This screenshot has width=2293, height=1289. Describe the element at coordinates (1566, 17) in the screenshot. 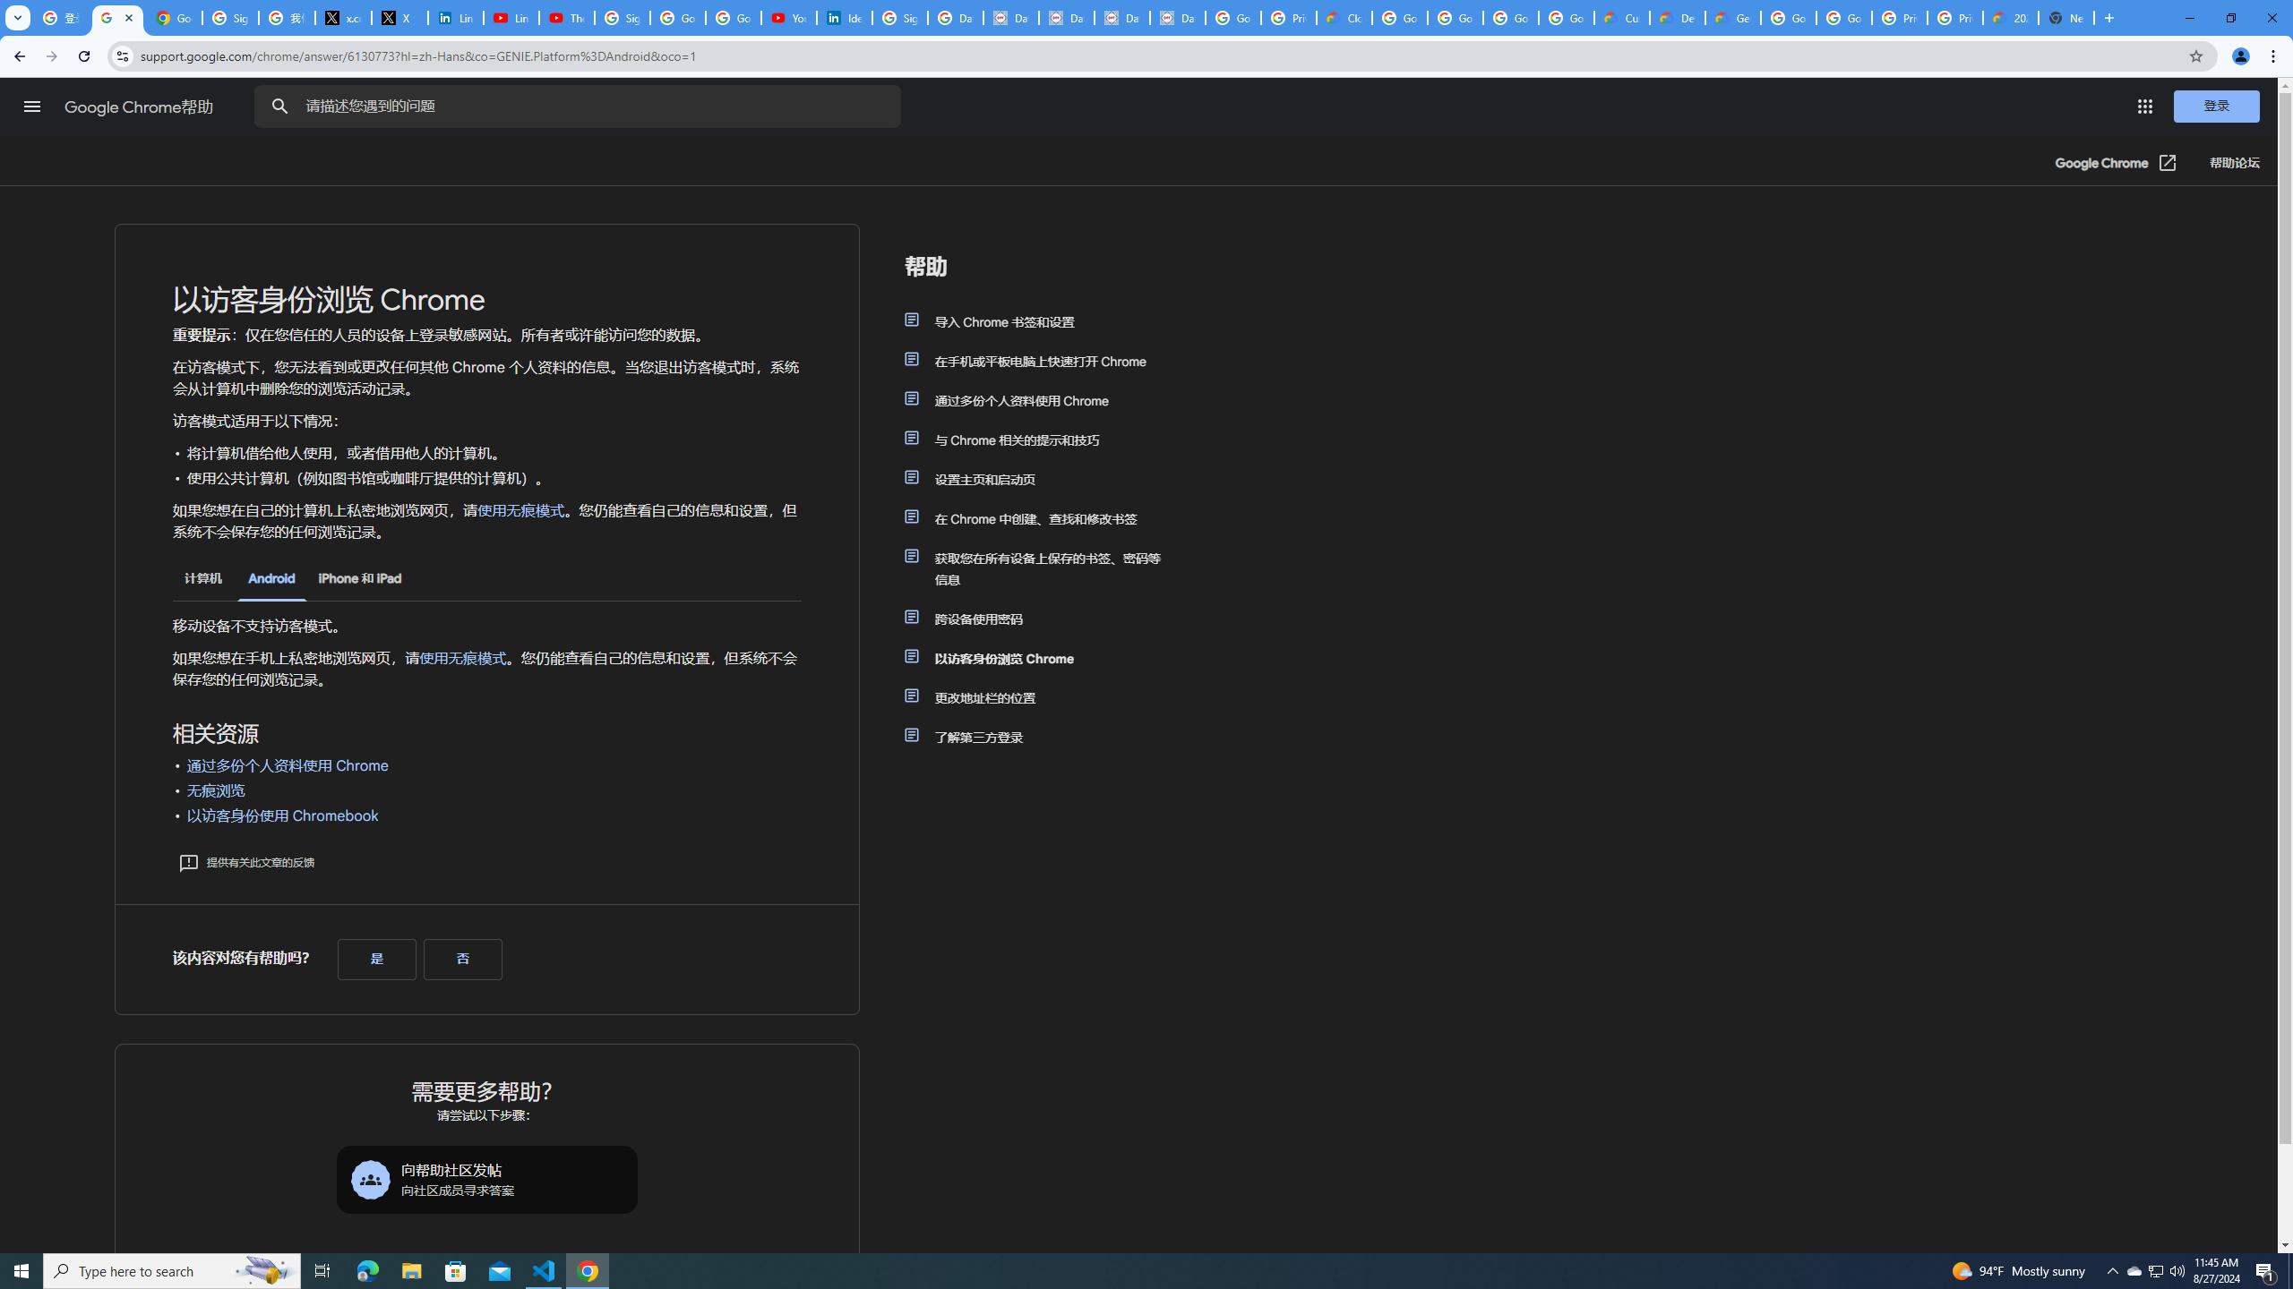

I see `'Google Workspace - Specific Terms'` at that location.